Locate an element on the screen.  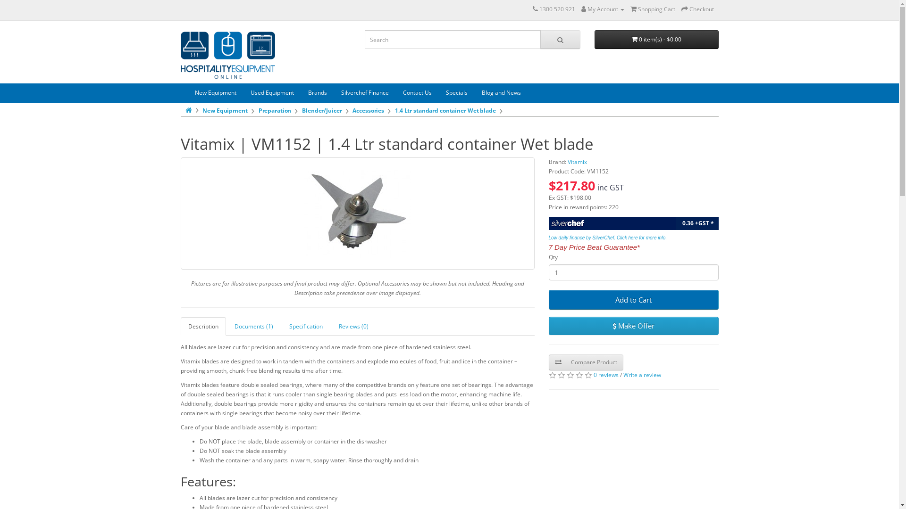
'Make Offer' is located at coordinates (548, 325).